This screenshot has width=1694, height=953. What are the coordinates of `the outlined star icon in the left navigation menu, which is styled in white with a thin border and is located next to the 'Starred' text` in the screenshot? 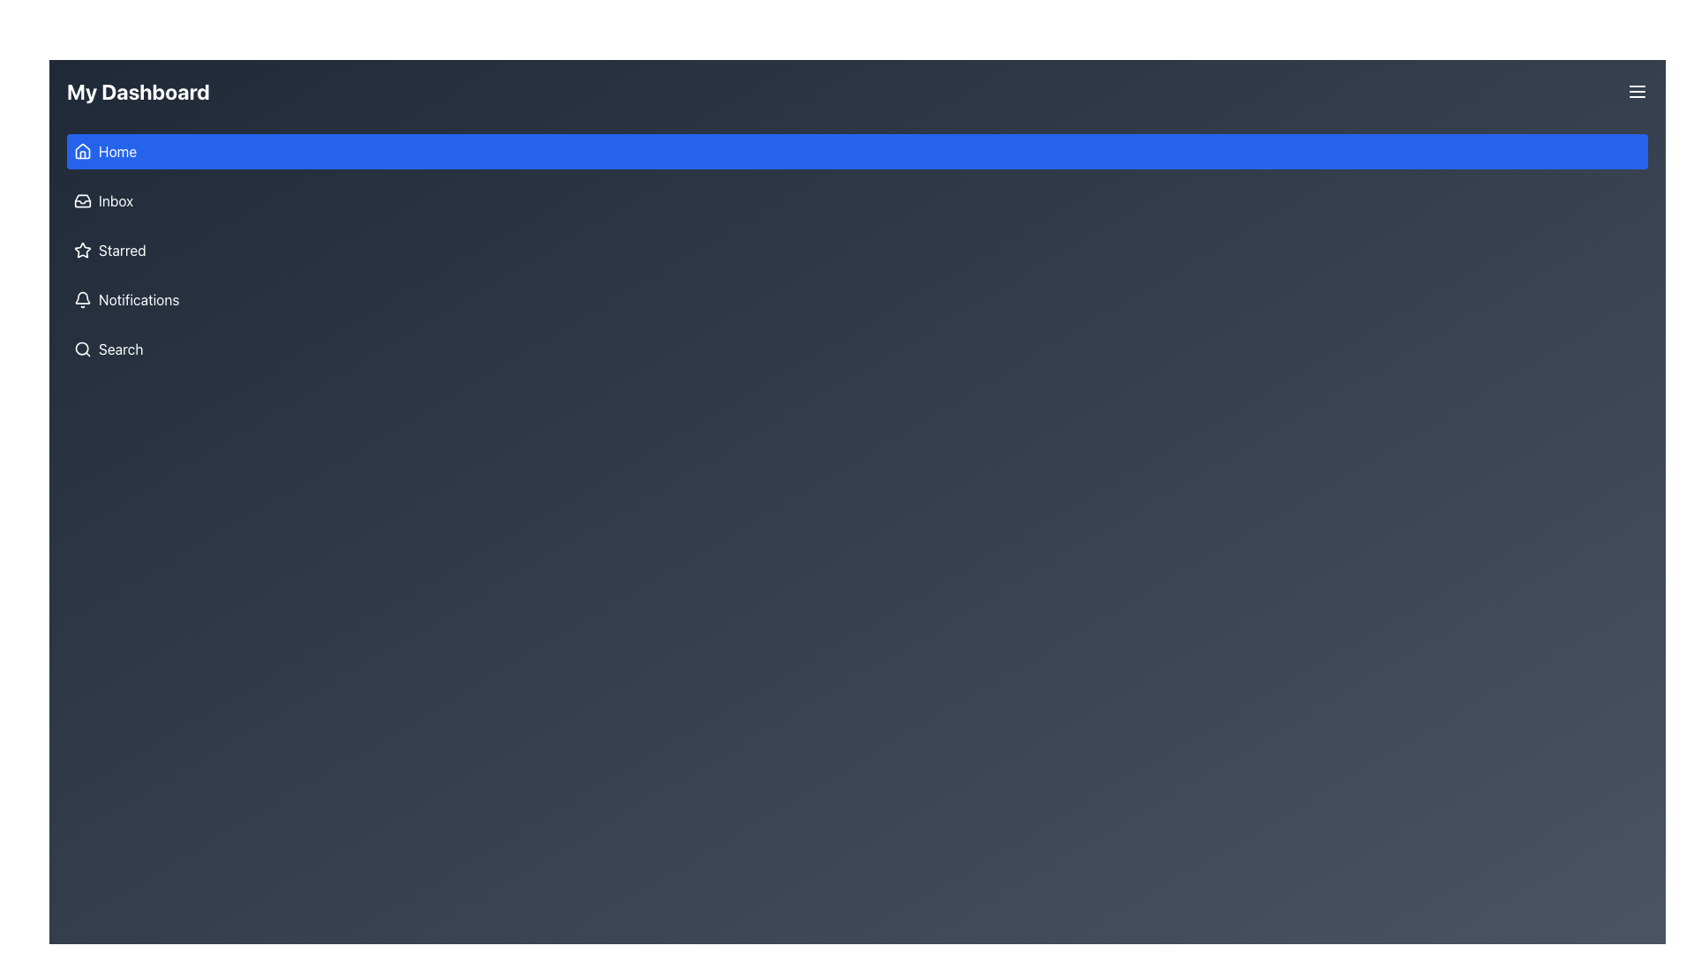 It's located at (82, 251).